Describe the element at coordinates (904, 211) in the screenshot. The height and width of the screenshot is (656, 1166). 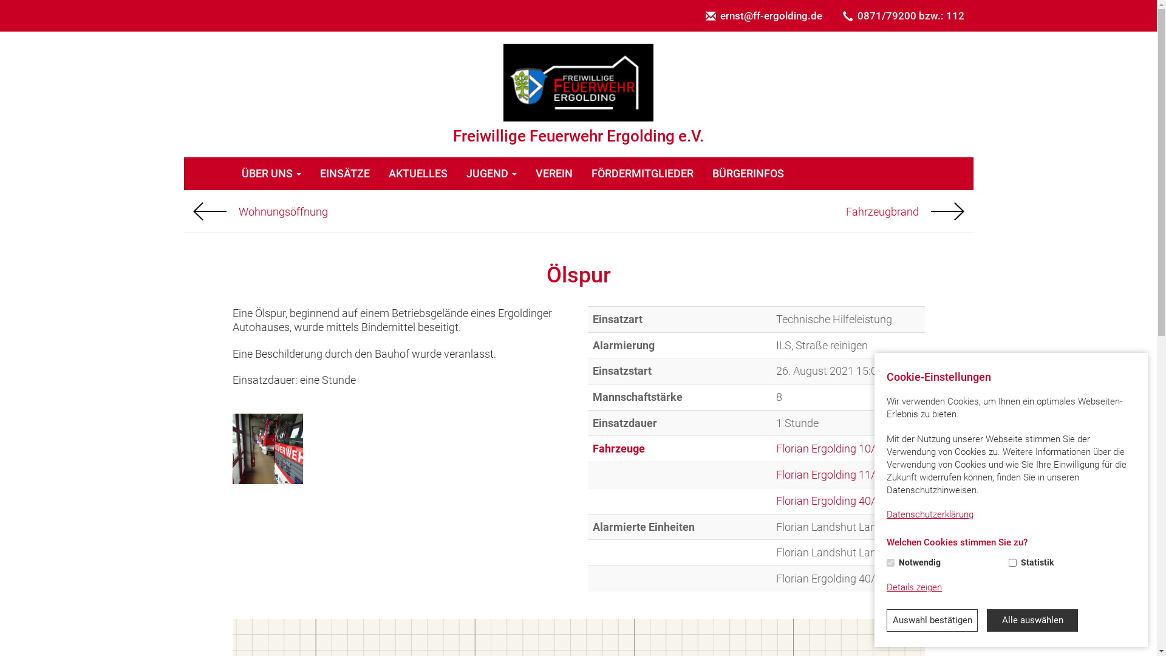
I see `'Fahrzeugbrand'` at that location.